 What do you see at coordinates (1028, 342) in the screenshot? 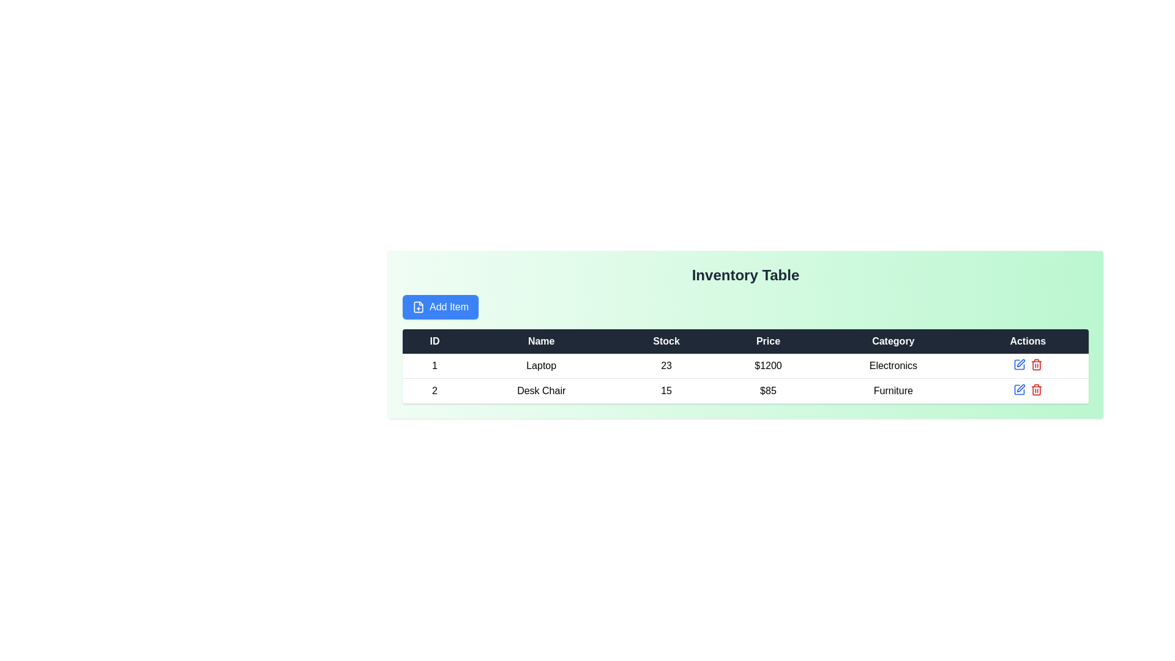
I see `the Text Label in the header row of the table that indicates actions for rows, located at the far right after the 'Category' column` at bounding box center [1028, 342].